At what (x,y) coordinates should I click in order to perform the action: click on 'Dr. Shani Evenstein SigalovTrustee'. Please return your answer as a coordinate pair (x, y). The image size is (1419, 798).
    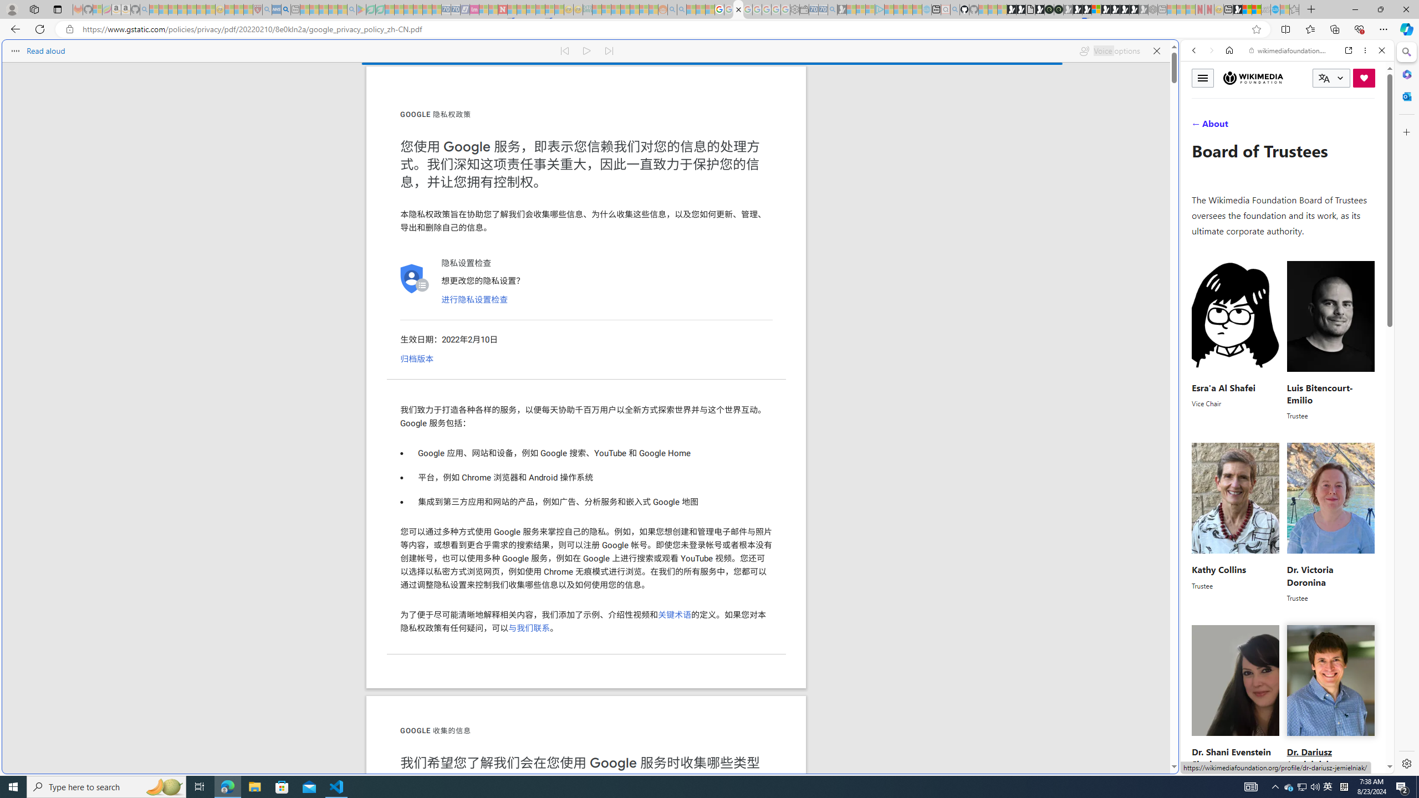
    Looking at the image, I should click on (1236, 704).